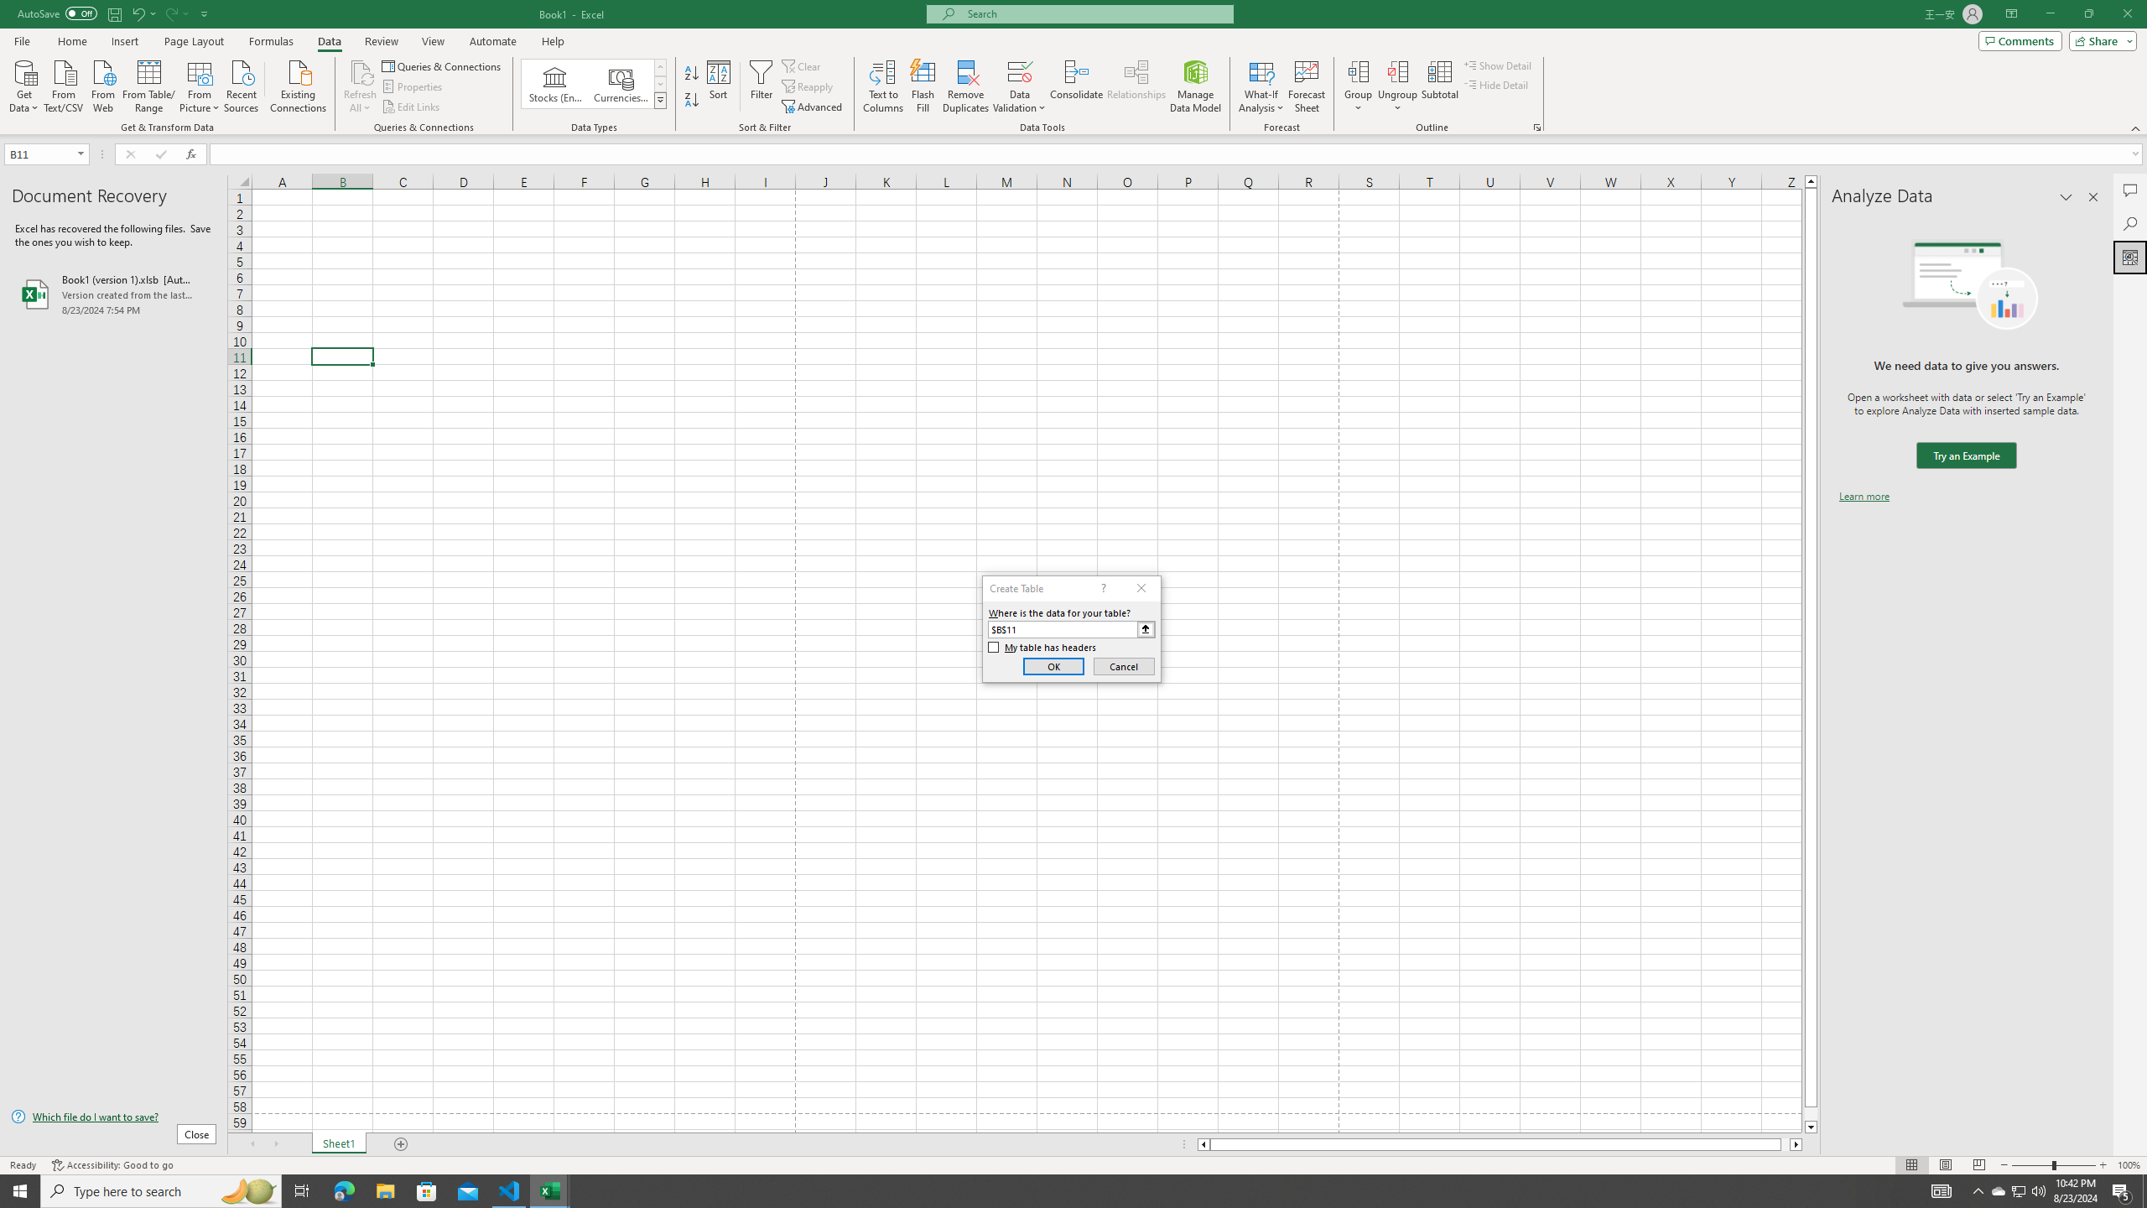 The width and height of the screenshot is (2147, 1208). What do you see at coordinates (1358, 86) in the screenshot?
I see `'Group...'` at bounding box center [1358, 86].